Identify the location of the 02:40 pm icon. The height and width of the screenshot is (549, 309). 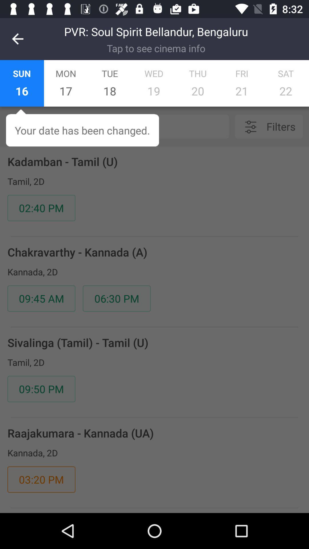
(41, 208).